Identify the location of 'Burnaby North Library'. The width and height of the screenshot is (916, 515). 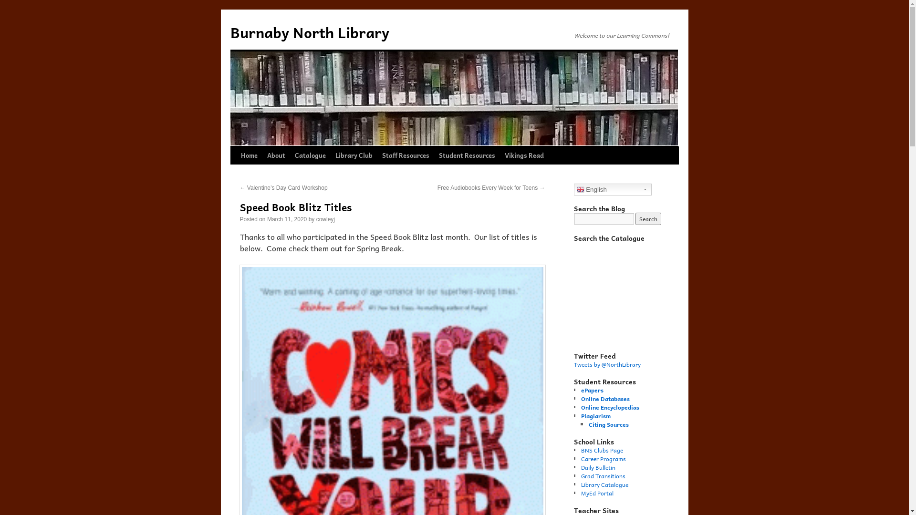
(309, 31).